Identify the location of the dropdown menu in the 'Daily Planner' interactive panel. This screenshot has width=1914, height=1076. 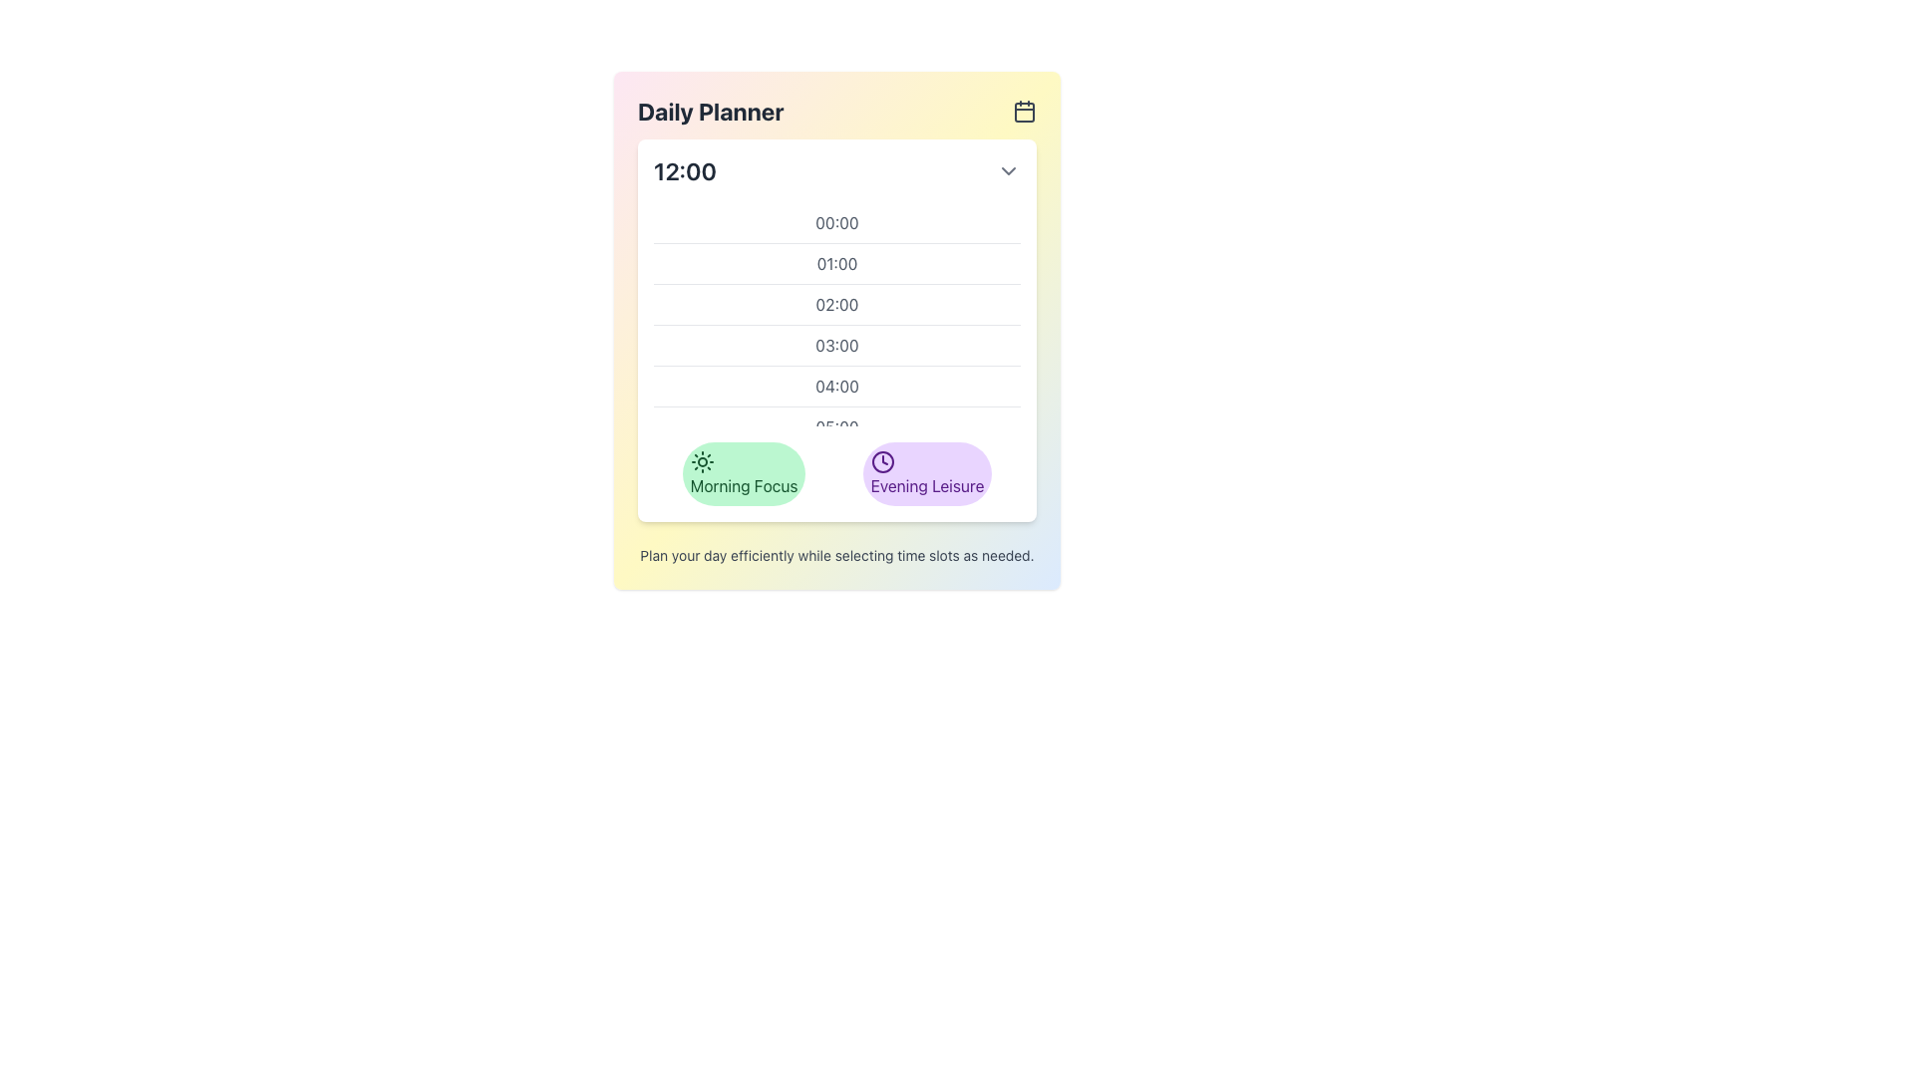
(837, 329).